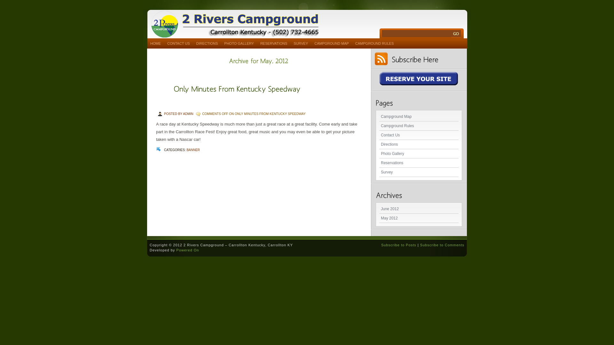 This screenshot has height=345, width=614. Describe the element at coordinates (331, 43) in the screenshot. I see `'CAMPGROUND MAP'` at that location.